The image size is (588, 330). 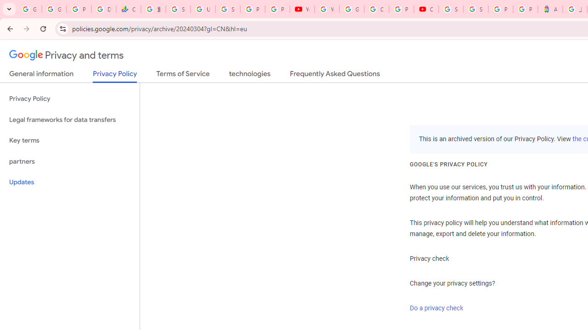 I want to click on 'Frequently Asked Questions', so click(x=334, y=75).